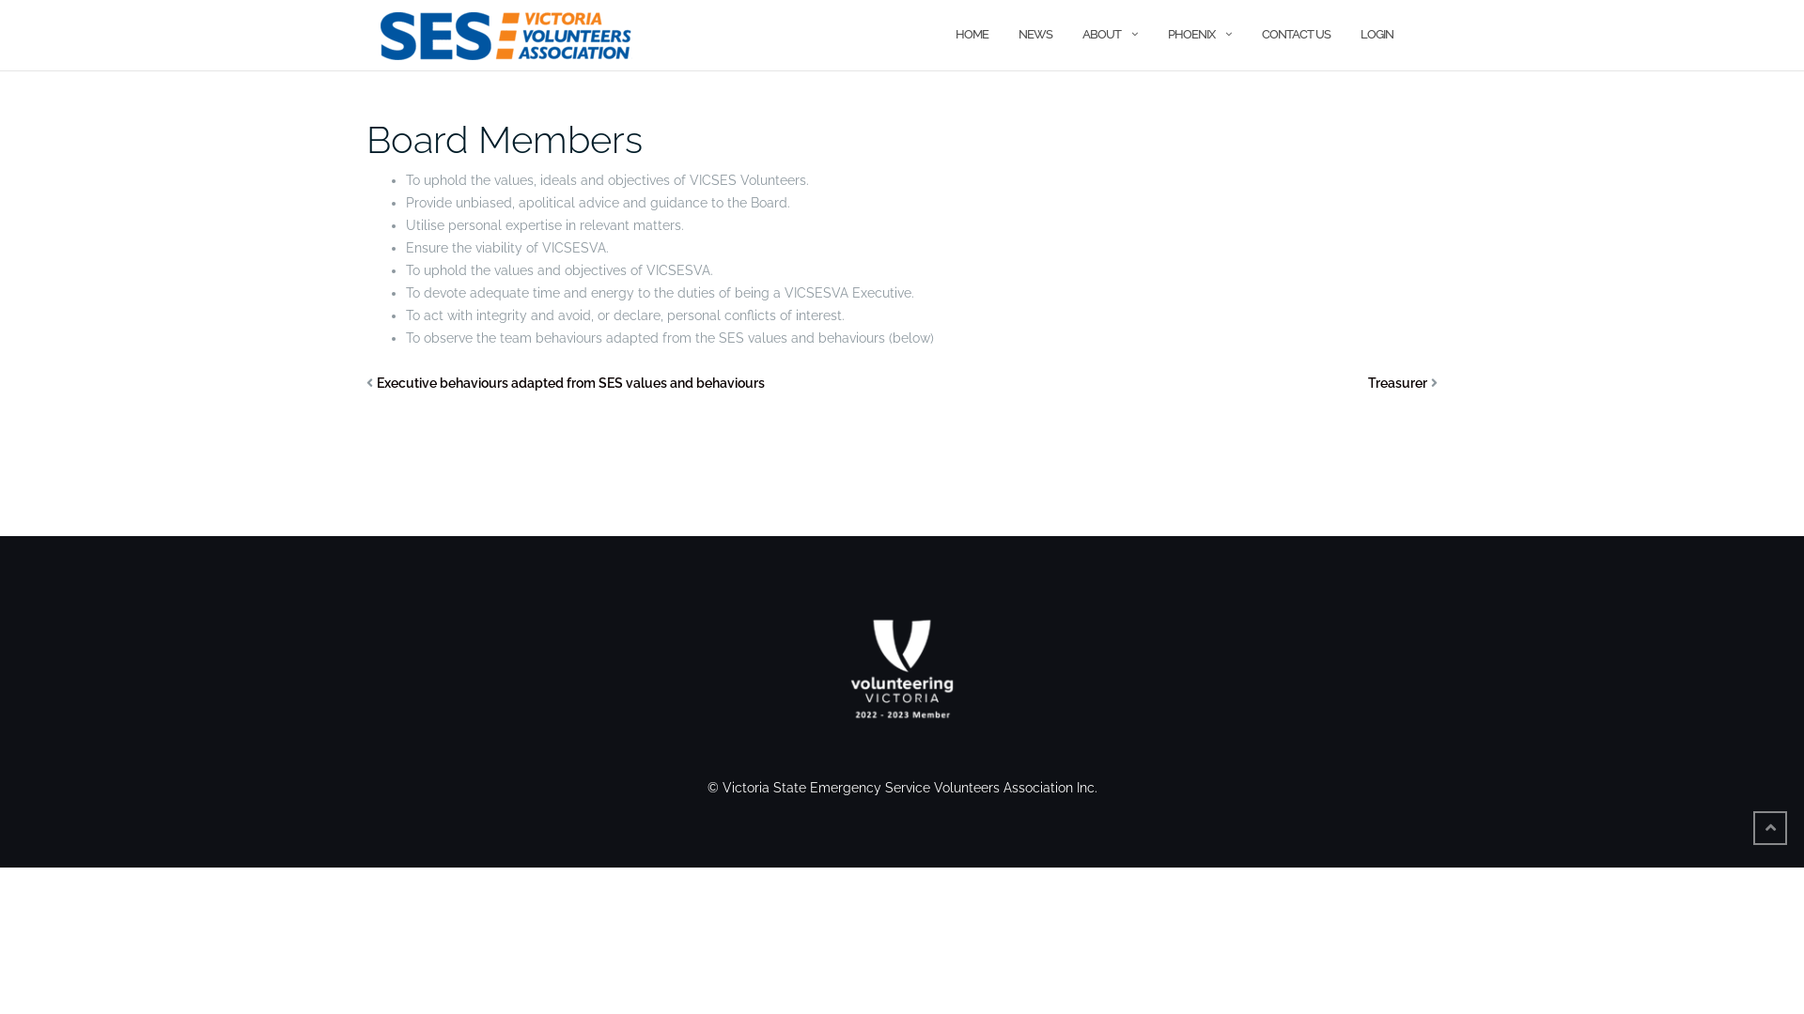  What do you see at coordinates (1295, 35) in the screenshot?
I see `'CONTACT US'` at bounding box center [1295, 35].